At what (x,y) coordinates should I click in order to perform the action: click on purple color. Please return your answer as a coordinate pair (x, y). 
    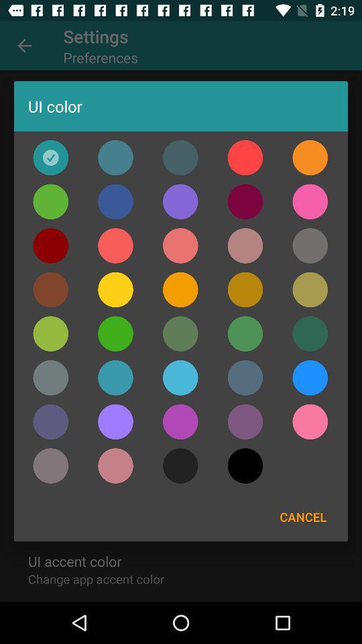
    Looking at the image, I should click on (115, 421).